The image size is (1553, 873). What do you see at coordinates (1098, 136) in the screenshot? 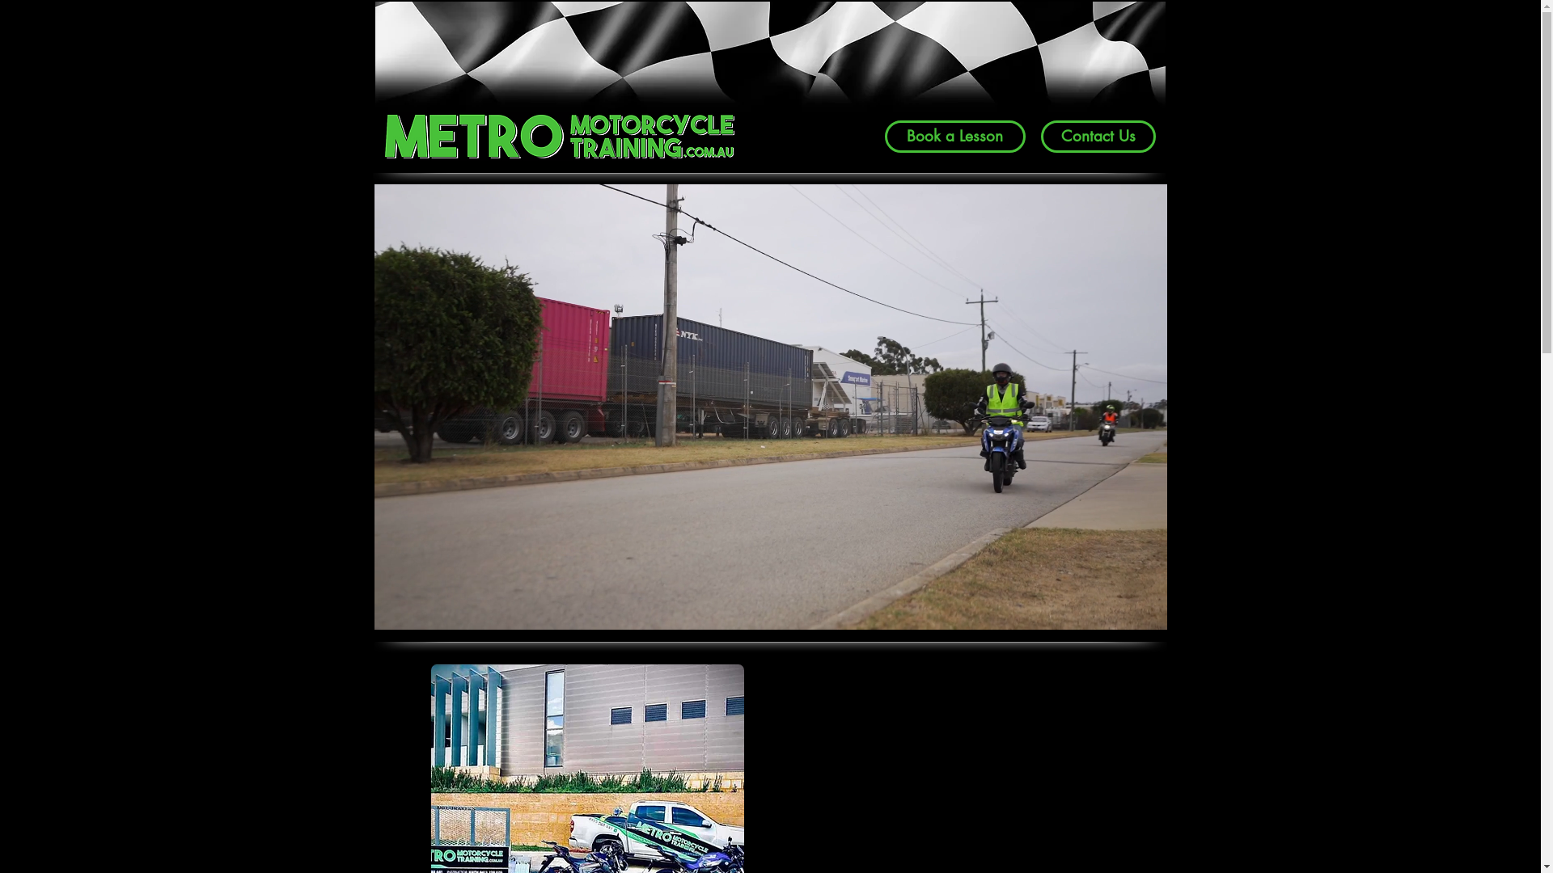
I see `'Contact Us'` at bounding box center [1098, 136].